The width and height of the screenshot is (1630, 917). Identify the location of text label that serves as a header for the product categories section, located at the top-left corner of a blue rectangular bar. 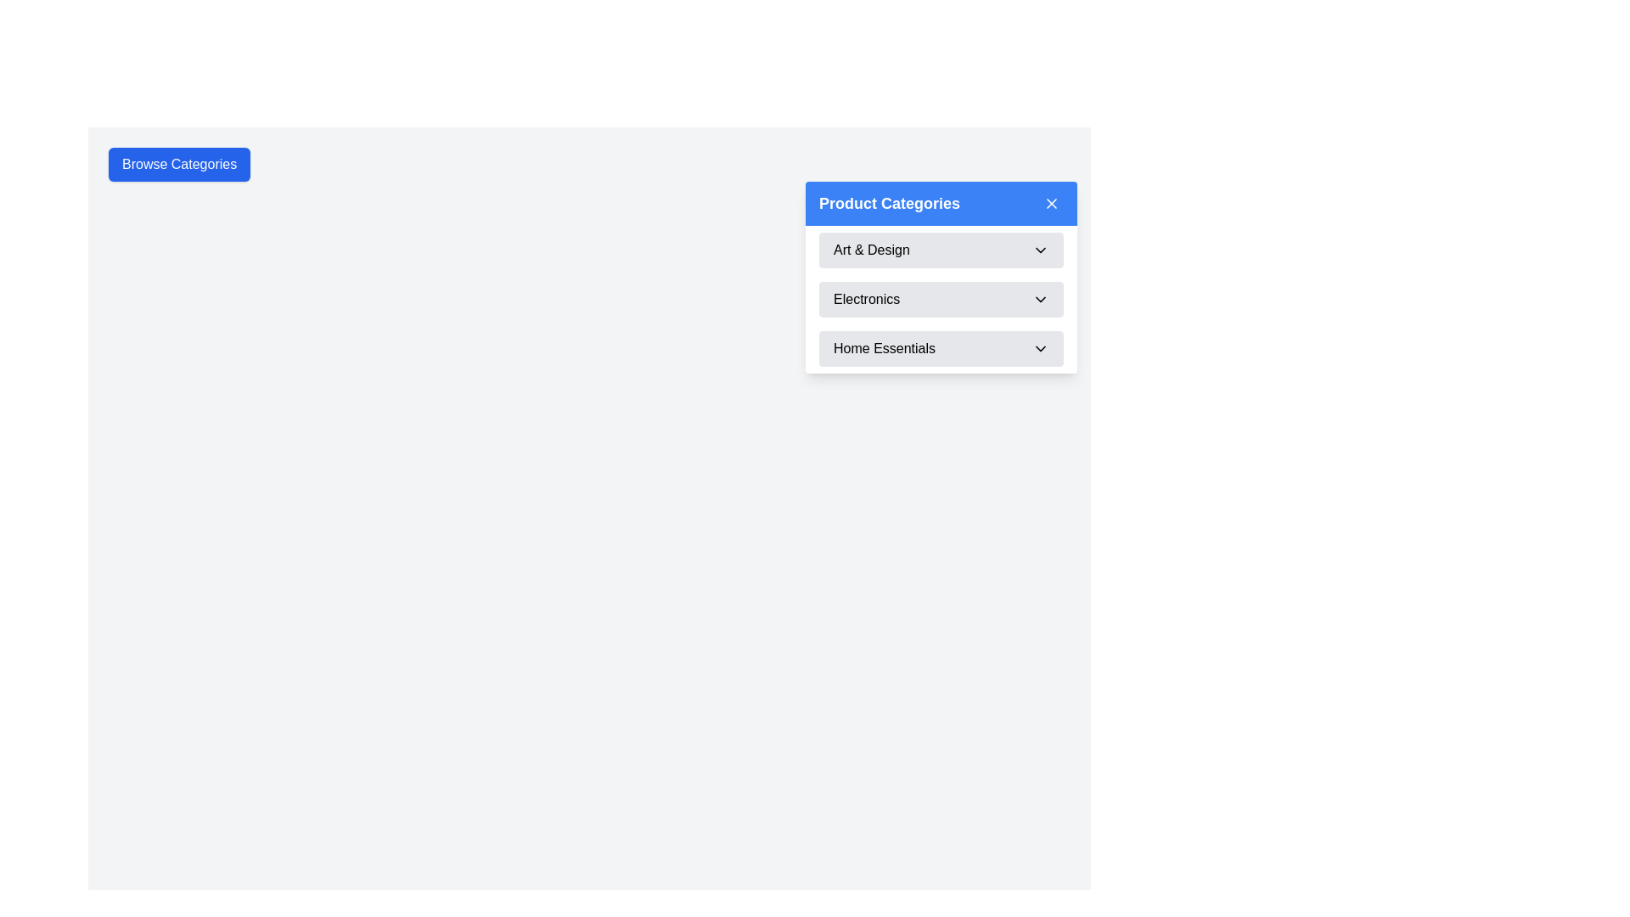
(888, 202).